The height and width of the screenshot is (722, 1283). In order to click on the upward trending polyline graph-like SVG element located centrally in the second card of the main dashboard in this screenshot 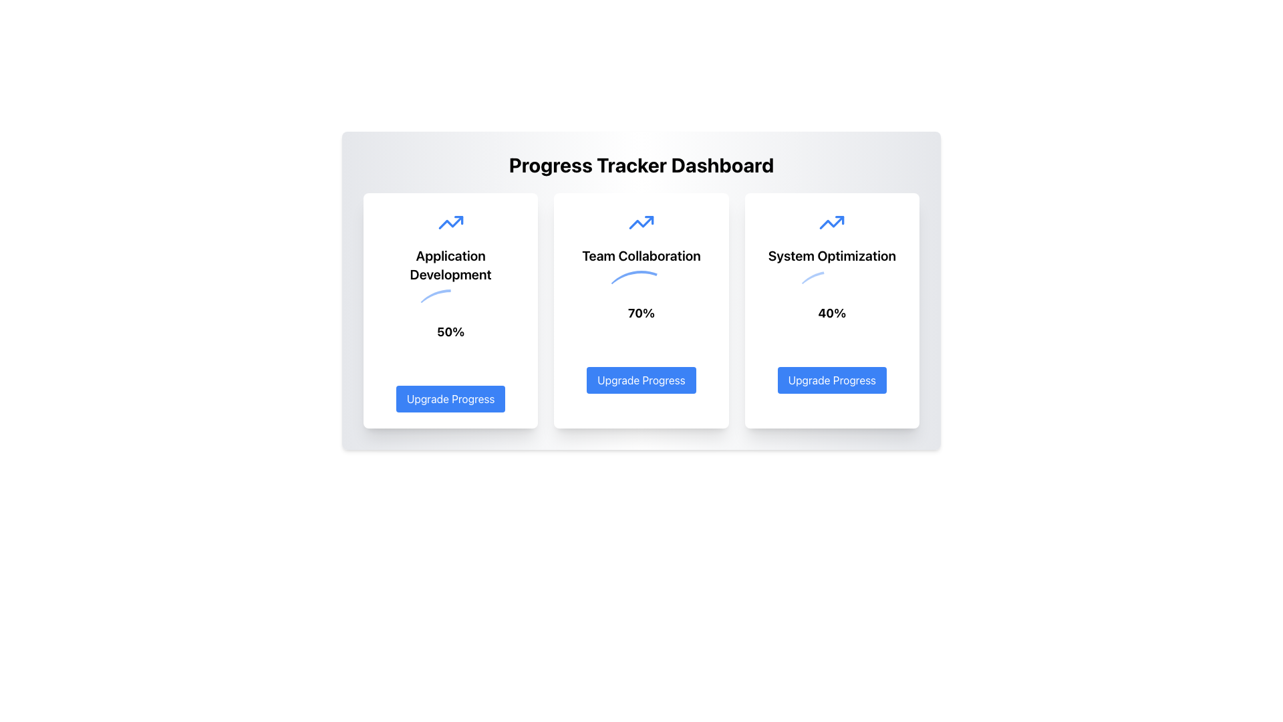, I will do `click(450, 221)`.